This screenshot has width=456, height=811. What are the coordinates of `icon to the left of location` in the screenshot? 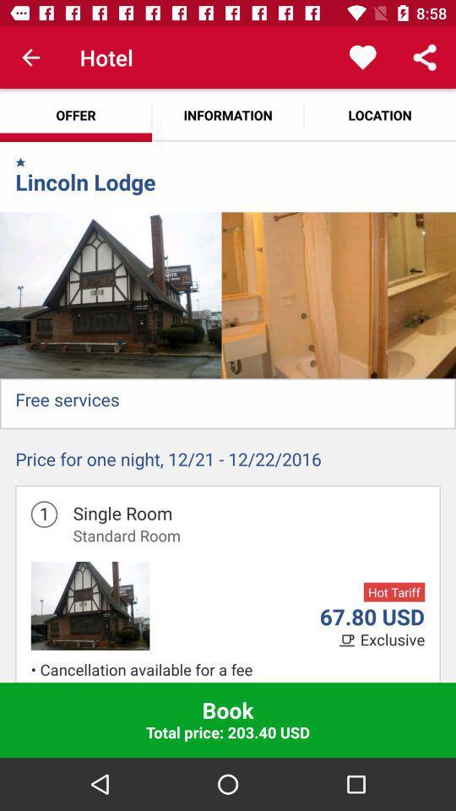 It's located at (228, 114).